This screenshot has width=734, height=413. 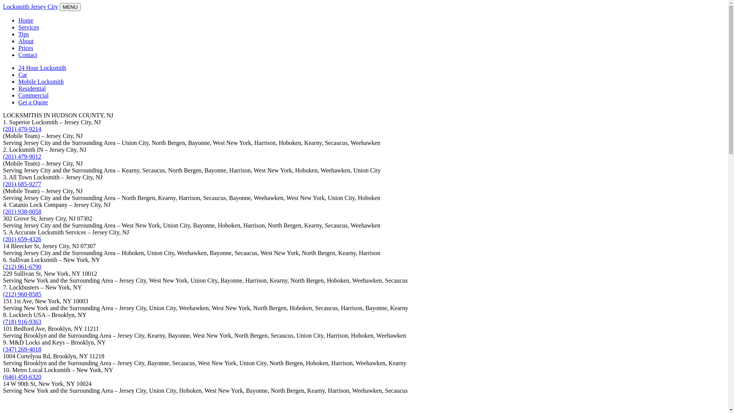 I want to click on '(718) 916-9363', so click(x=22, y=322).